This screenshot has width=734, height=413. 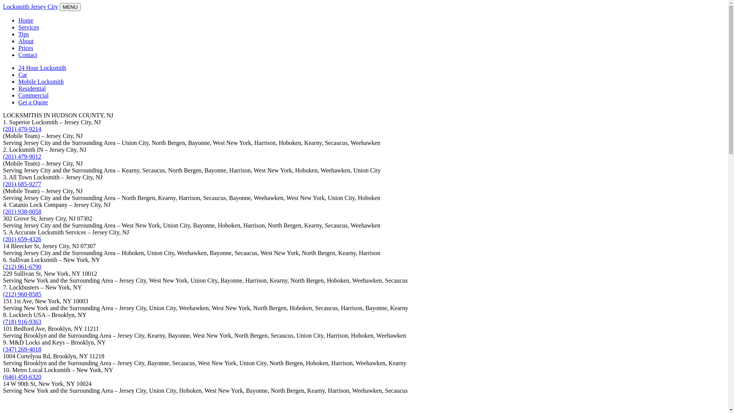 I want to click on '(718) 916-9363', so click(x=22, y=322).